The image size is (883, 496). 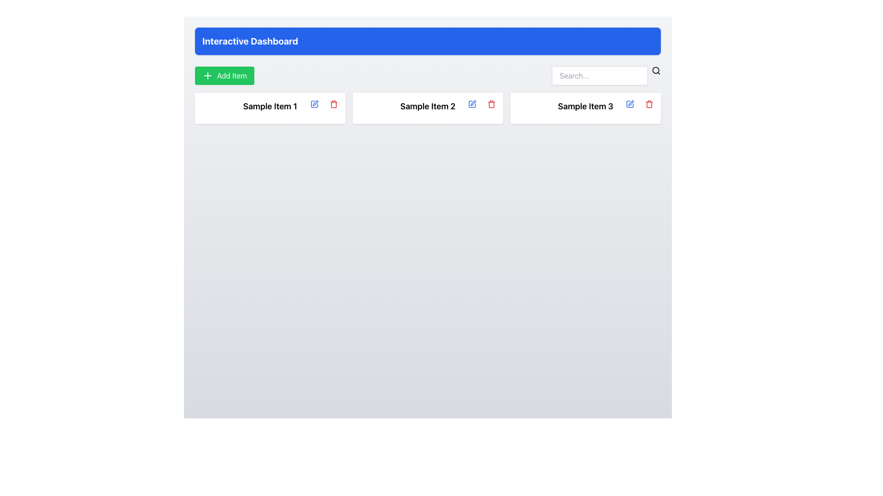 What do you see at coordinates (491, 104) in the screenshot?
I see `the trash can icon located to the right of 'Sample Item 2'` at bounding box center [491, 104].